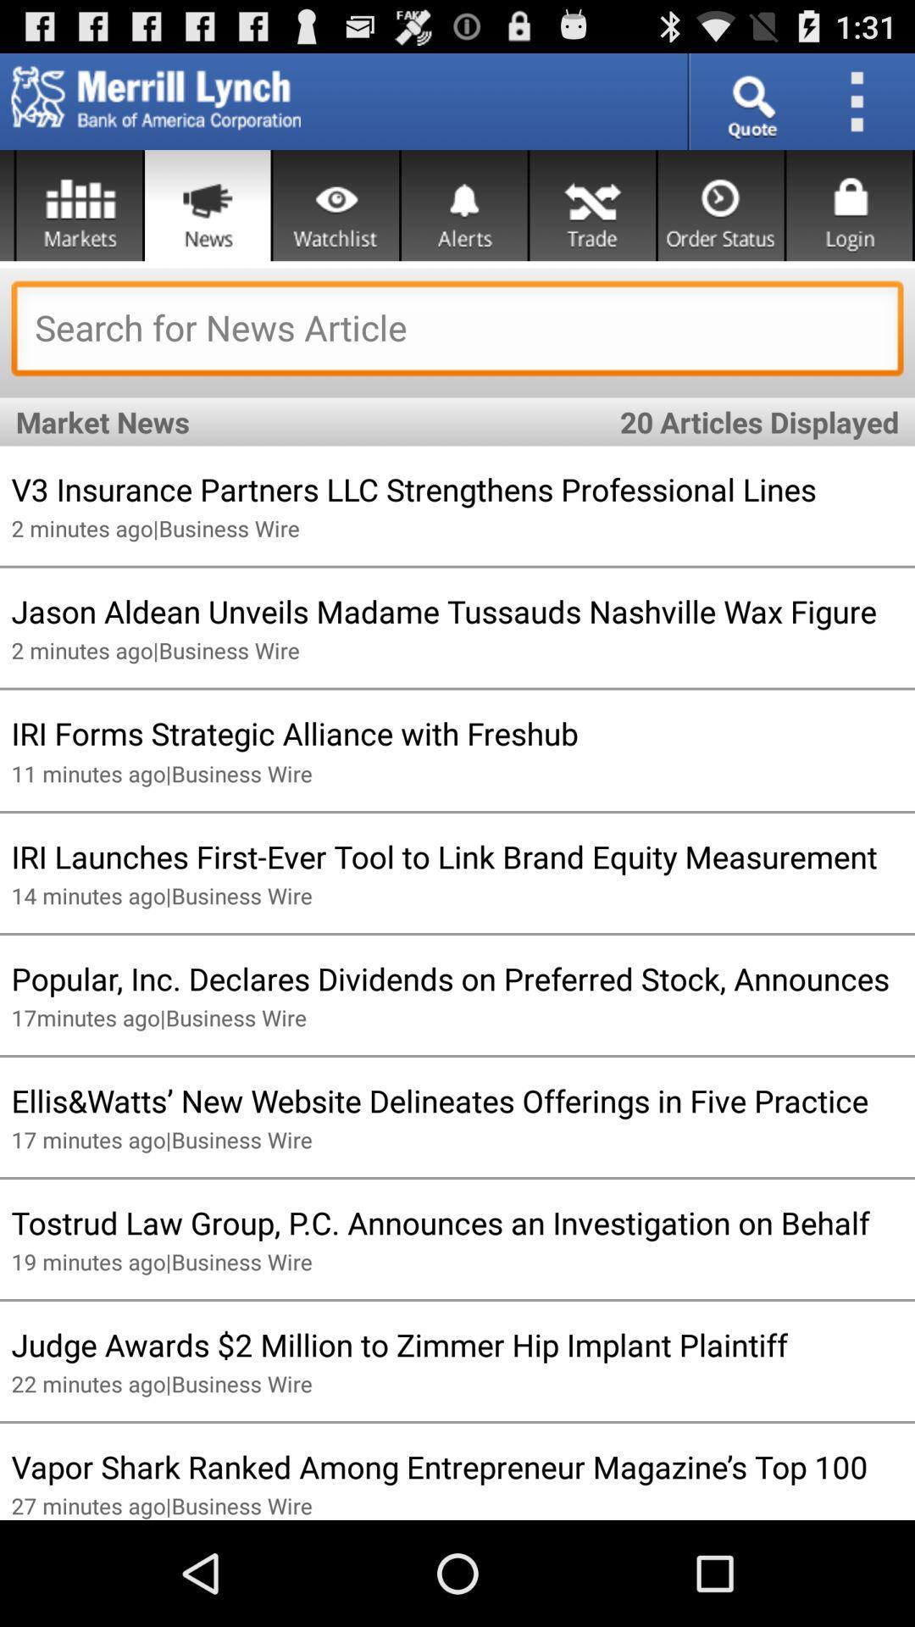 The width and height of the screenshot is (915, 1627). Describe the element at coordinates (335, 219) in the screenshot. I see `the visibility icon` at that location.